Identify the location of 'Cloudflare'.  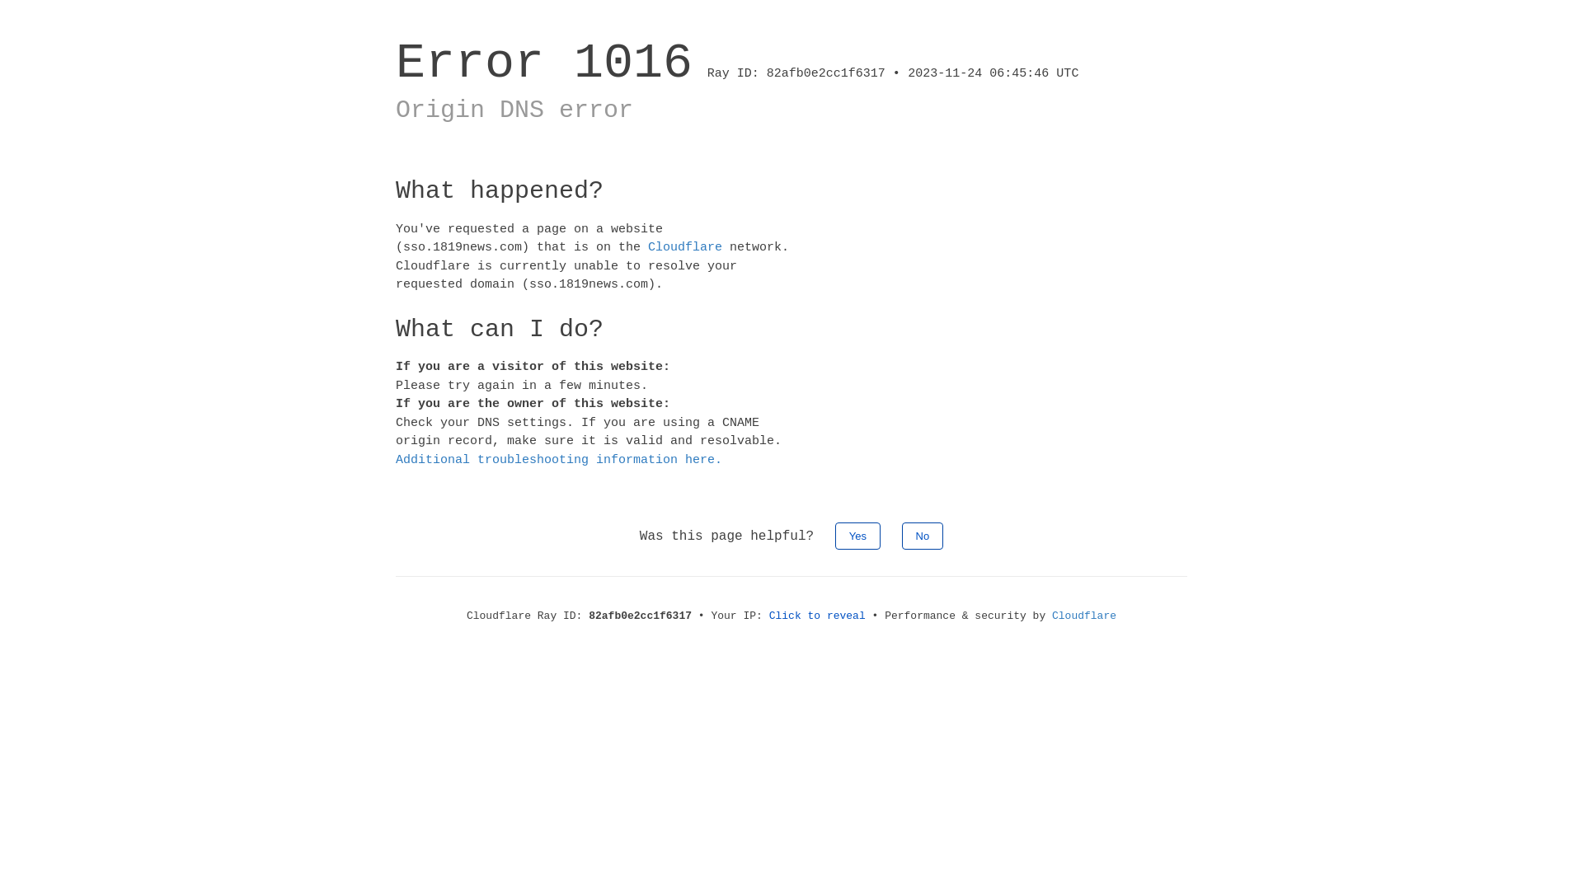
(684, 247).